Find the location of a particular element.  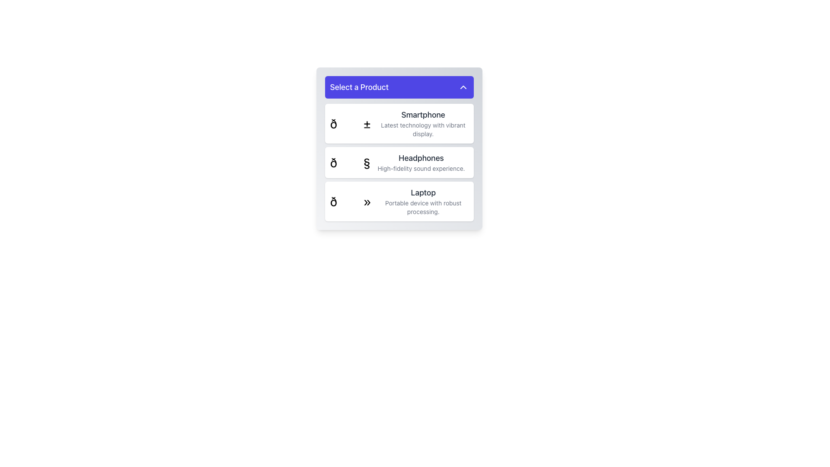

the second item in the vertical selection menu, which features a headphone icon and the title 'Headphones' is located at coordinates (399, 162).